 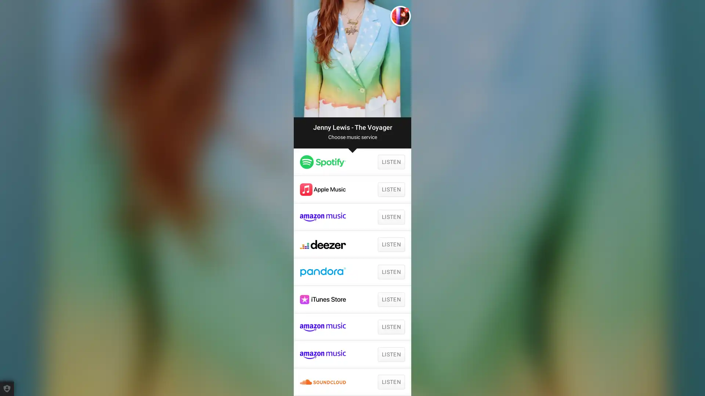 What do you see at coordinates (391, 189) in the screenshot?
I see `LISTEN` at bounding box center [391, 189].